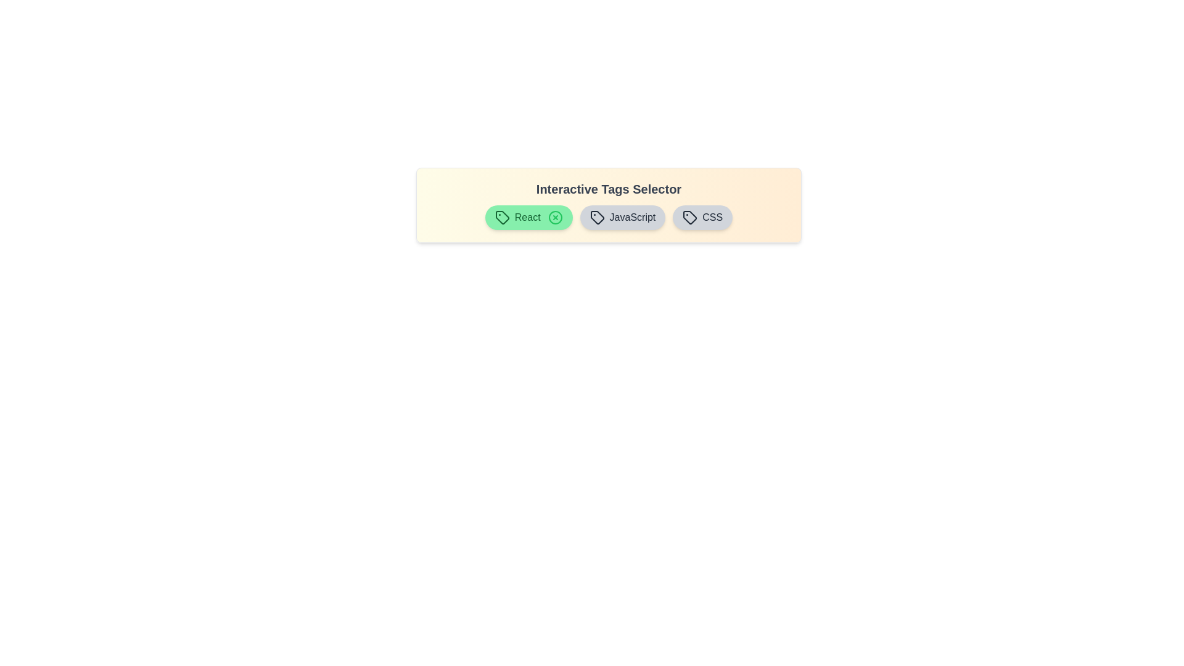  Describe the element at coordinates (528, 217) in the screenshot. I see `the tag React` at that location.